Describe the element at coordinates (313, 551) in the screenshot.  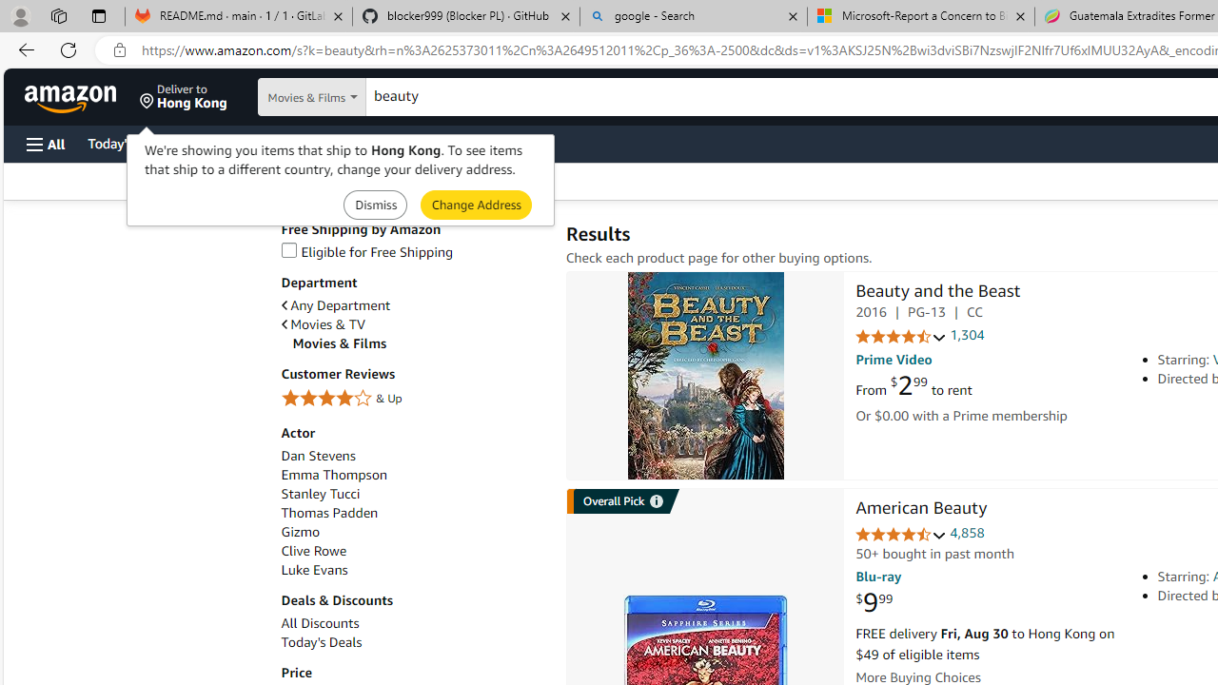
I see `'Clive Rowe'` at that location.